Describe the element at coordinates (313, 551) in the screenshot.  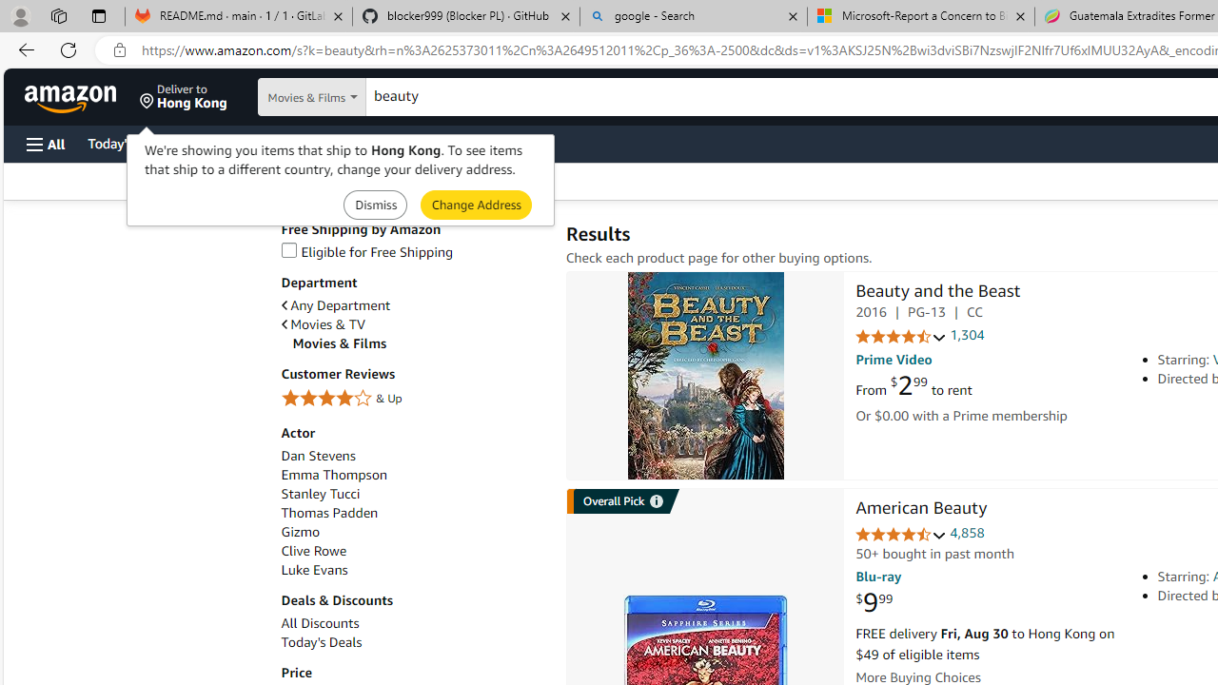
I see `'Clive Rowe'` at that location.